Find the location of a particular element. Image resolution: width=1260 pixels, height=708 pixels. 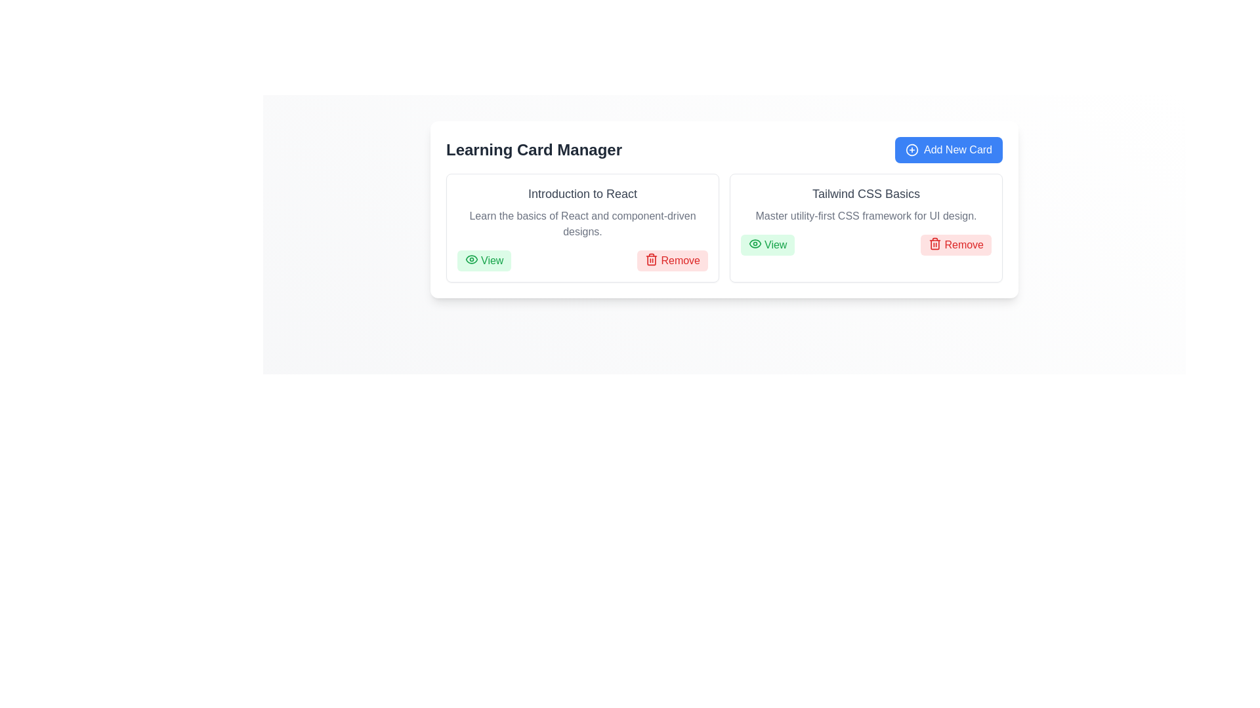

the eye icon representing the 'view' functionality, which is styled in green and located to the left of the 'View' text within a green-highlighted button under the 'Tailwind CSS Basics' section is located at coordinates (755, 243).